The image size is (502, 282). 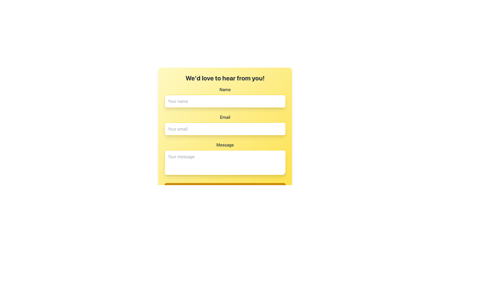 I want to click on the 'Email' label, which is bold, capitalized, and has a darker font color on a yellow background, located below the 'Name' field and above the 'Your email' input field, so click(x=225, y=117).